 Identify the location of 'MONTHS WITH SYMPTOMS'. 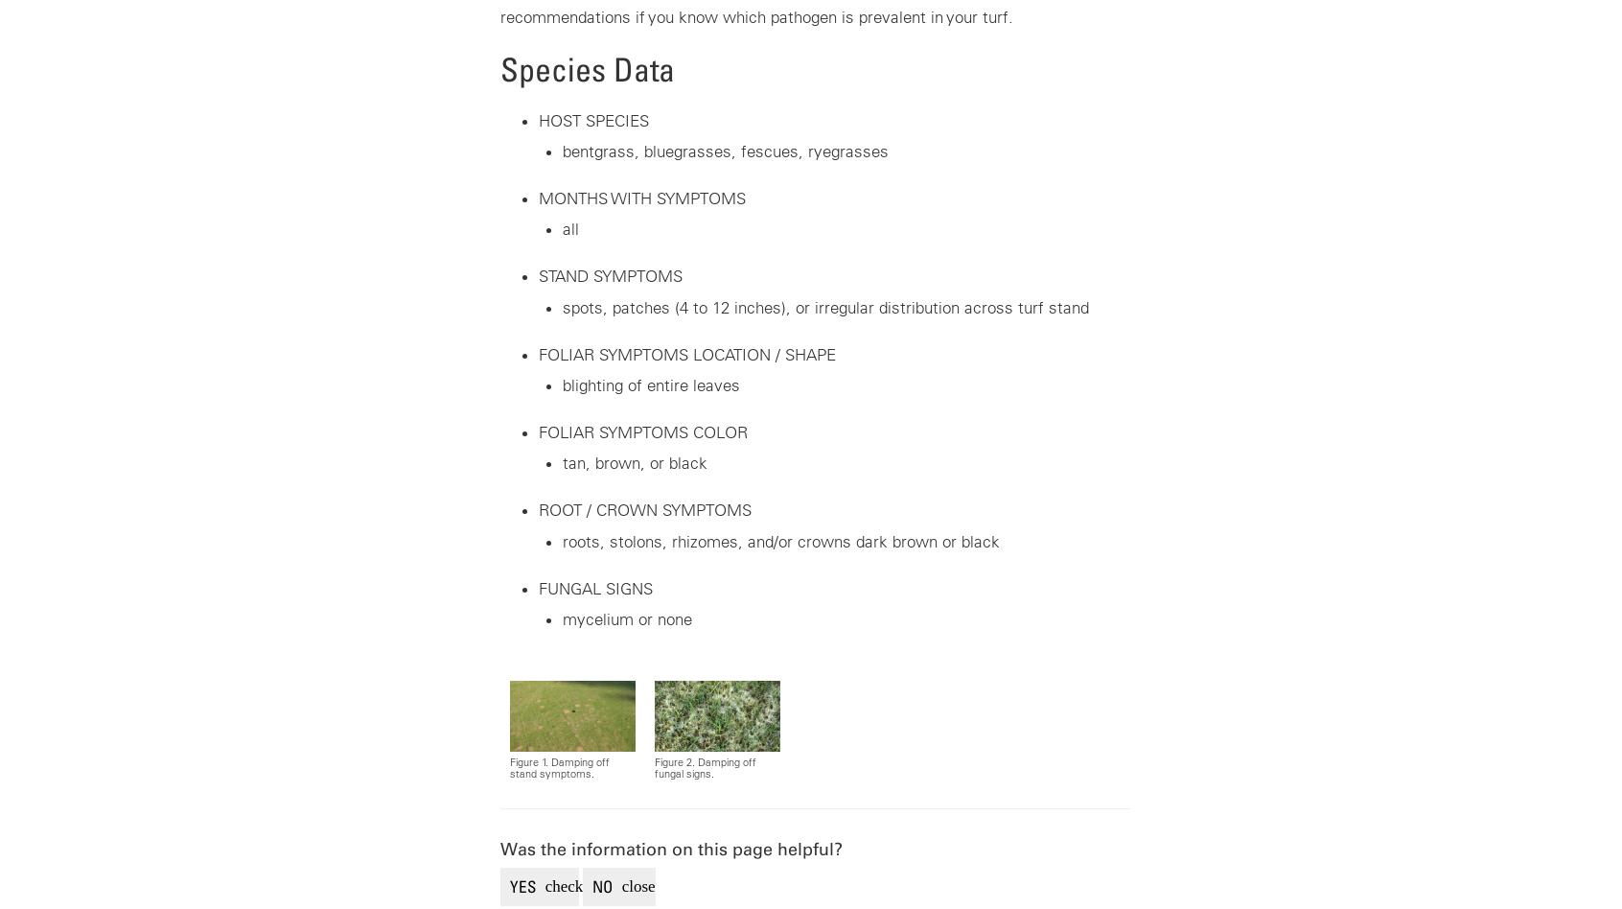
(641, 197).